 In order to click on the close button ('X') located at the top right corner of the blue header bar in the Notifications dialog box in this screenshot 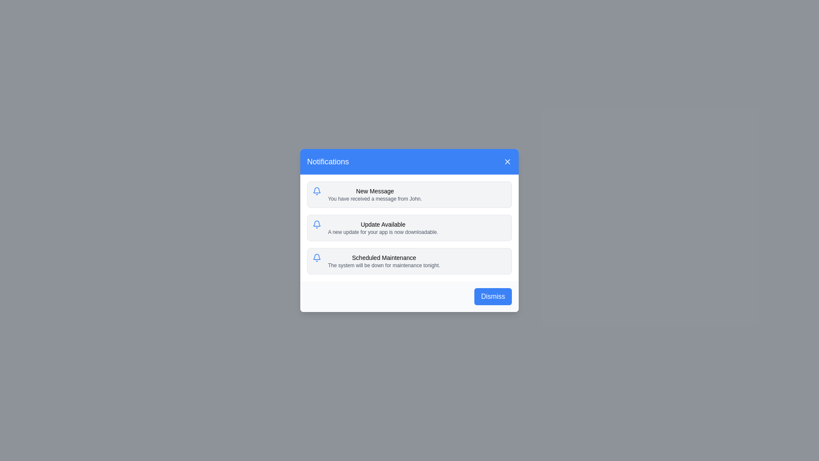, I will do `click(508, 161)`.